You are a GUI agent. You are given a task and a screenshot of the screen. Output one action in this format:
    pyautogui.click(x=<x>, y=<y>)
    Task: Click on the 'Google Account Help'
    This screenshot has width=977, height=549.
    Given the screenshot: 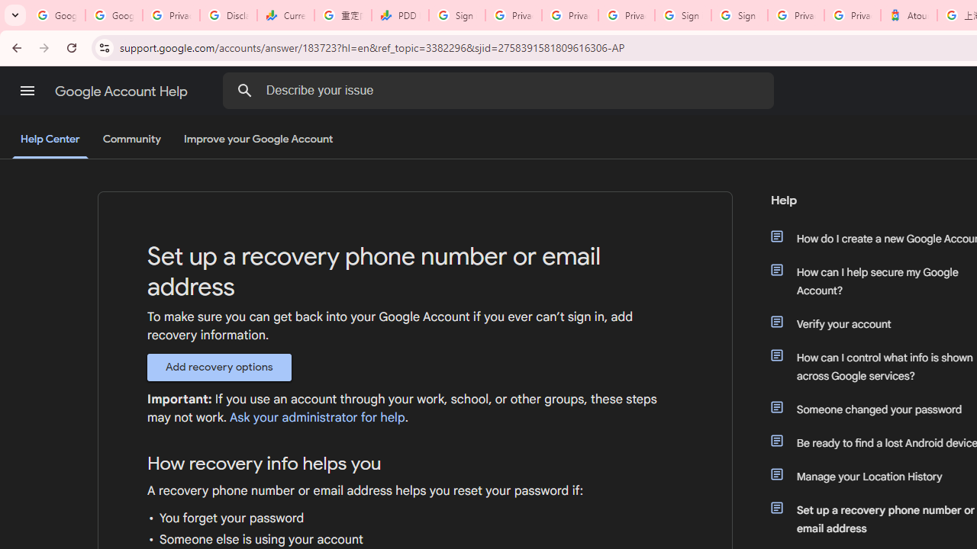 What is the action you would take?
    pyautogui.click(x=122, y=91)
    